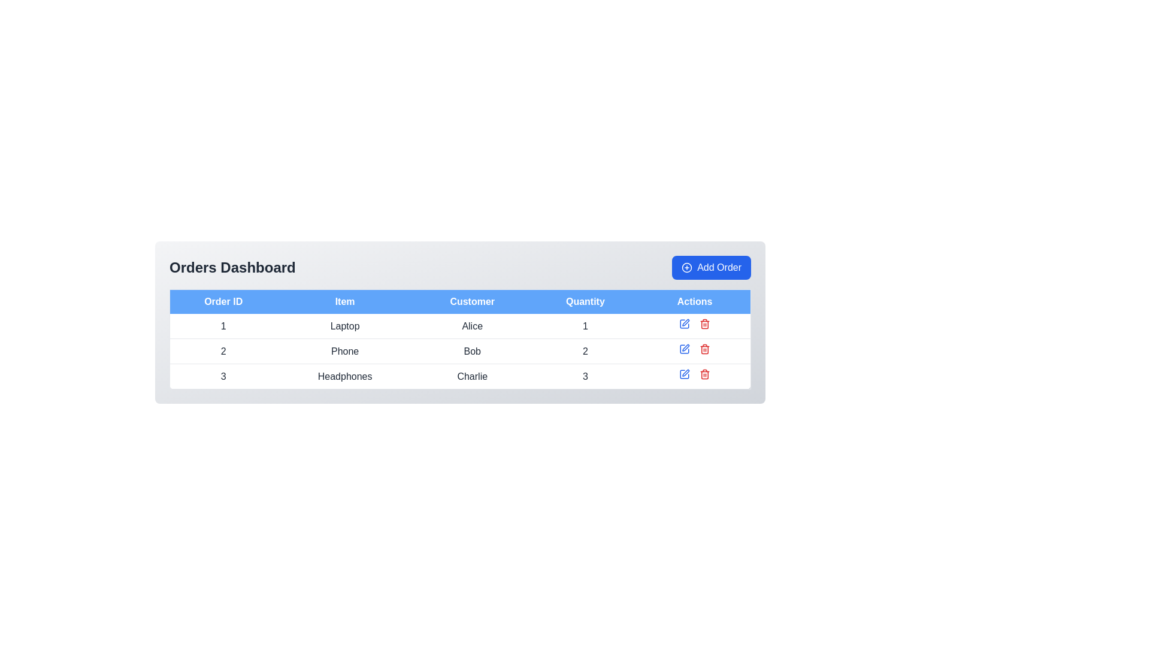 The height and width of the screenshot is (647, 1150). What do you see at coordinates (459, 376) in the screenshot?
I see `the third row` at bounding box center [459, 376].